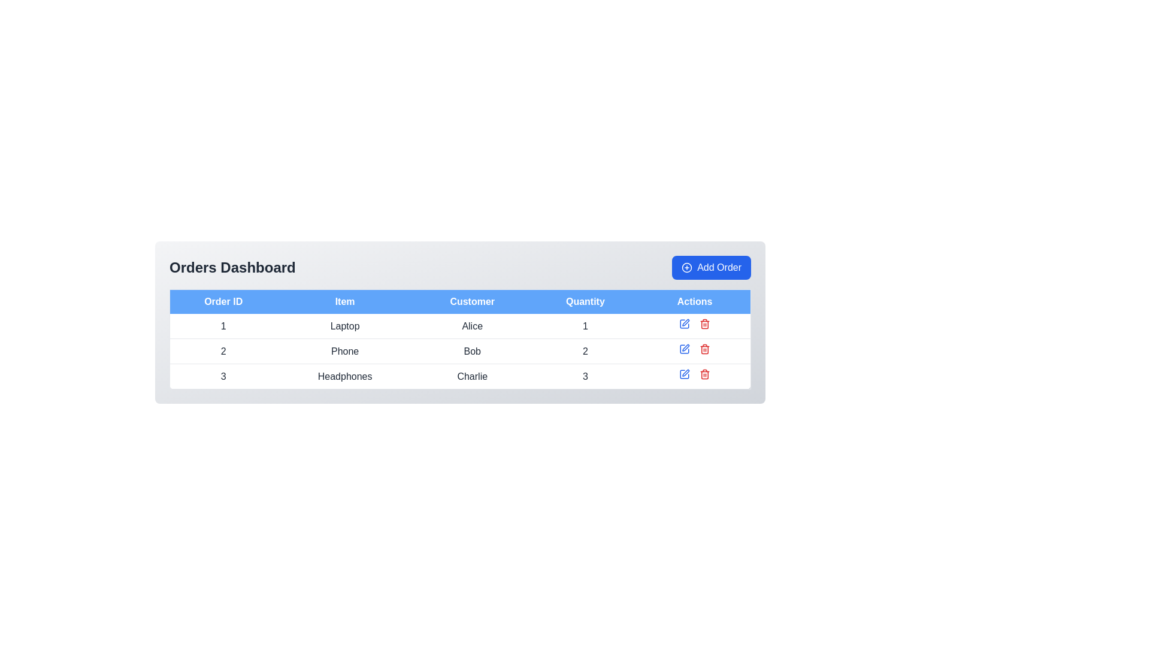 The height and width of the screenshot is (647, 1150). What do you see at coordinates (459, 376) in the screenshot?
I see `the third row` at bounding box center [459, 376].